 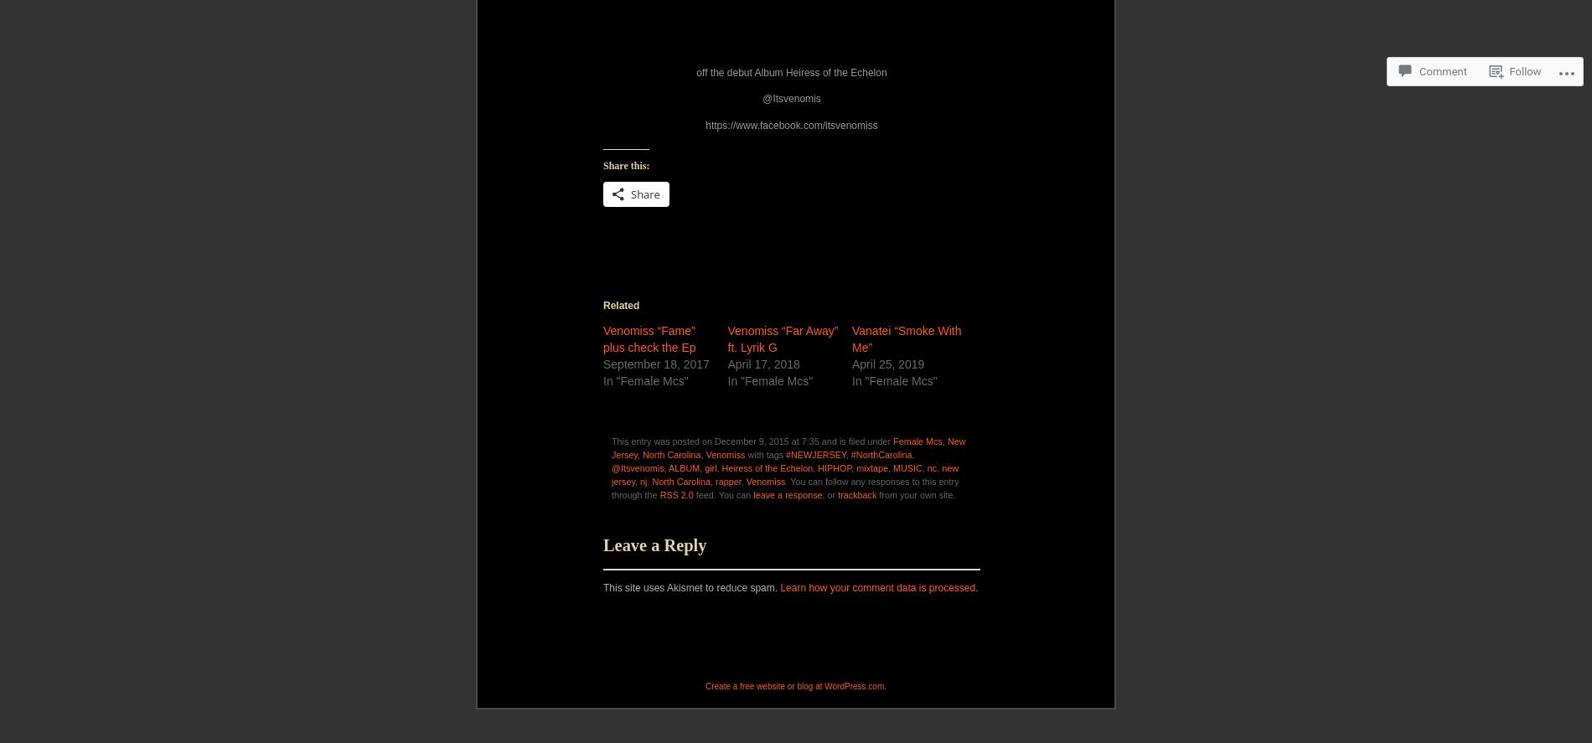 I want to click on 'Learn how your comment data is processed', so click(x=877, y=723).